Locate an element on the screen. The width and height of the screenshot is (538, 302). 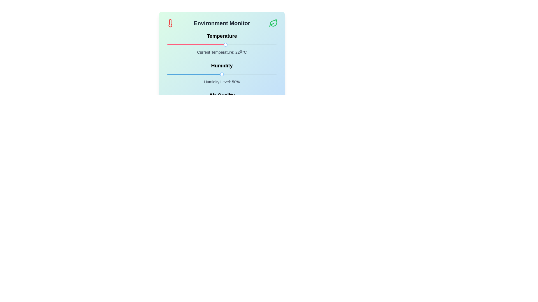
the temperature slider is located at coordinates (229, 44).